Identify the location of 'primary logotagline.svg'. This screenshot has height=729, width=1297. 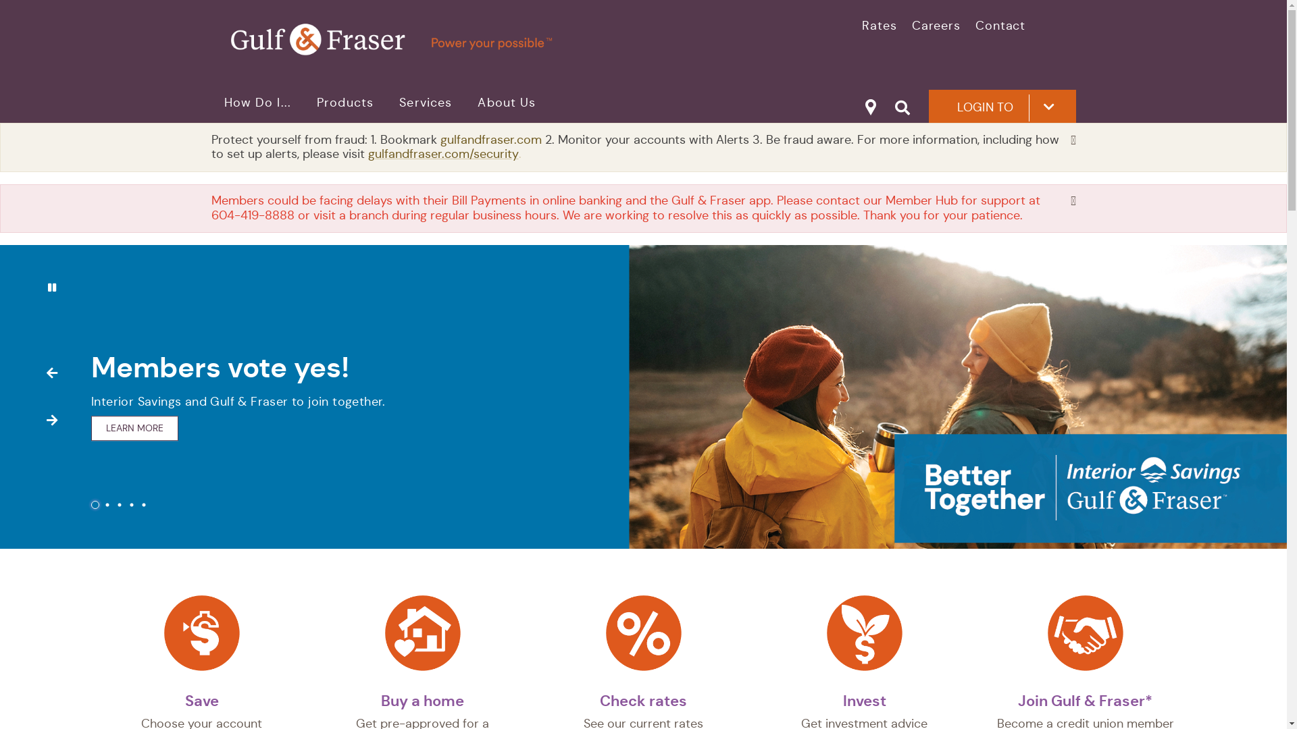
(389, 38).